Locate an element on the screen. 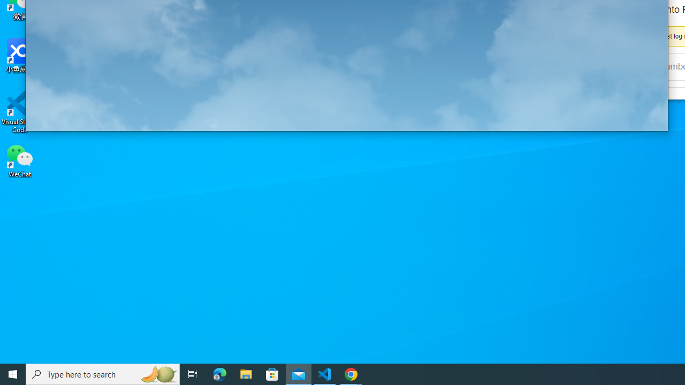  'Start' is located at coordinates (13, 373).